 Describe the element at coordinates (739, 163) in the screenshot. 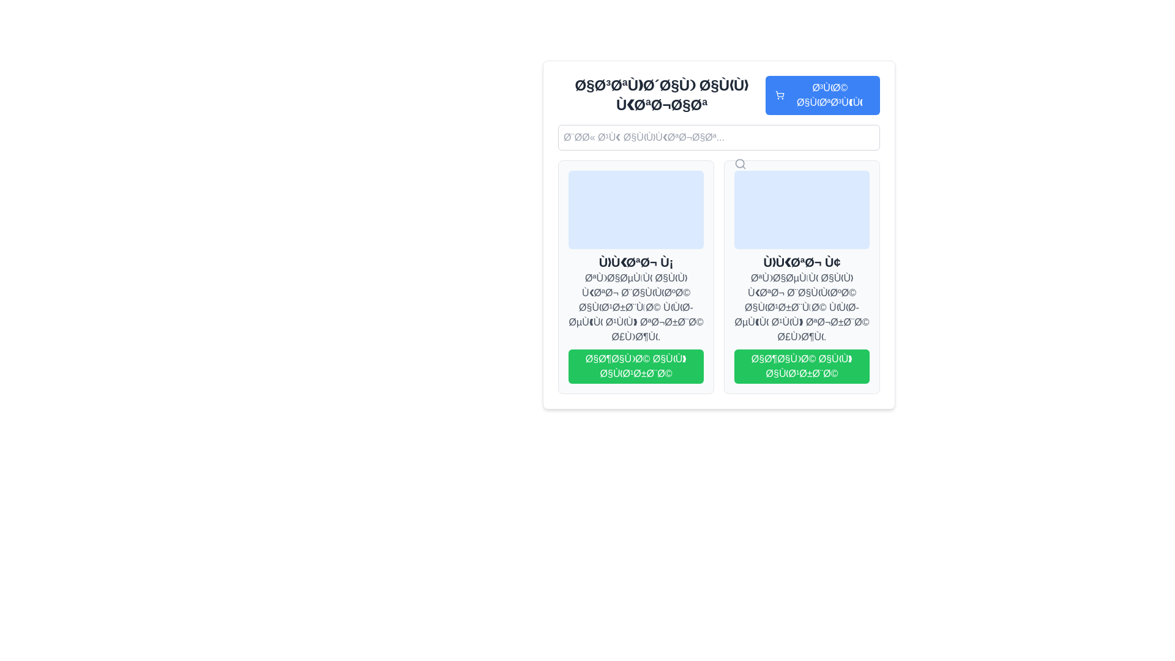

I see `the search icon located to the right of the search input field, which signifies the search functionality` at that location.